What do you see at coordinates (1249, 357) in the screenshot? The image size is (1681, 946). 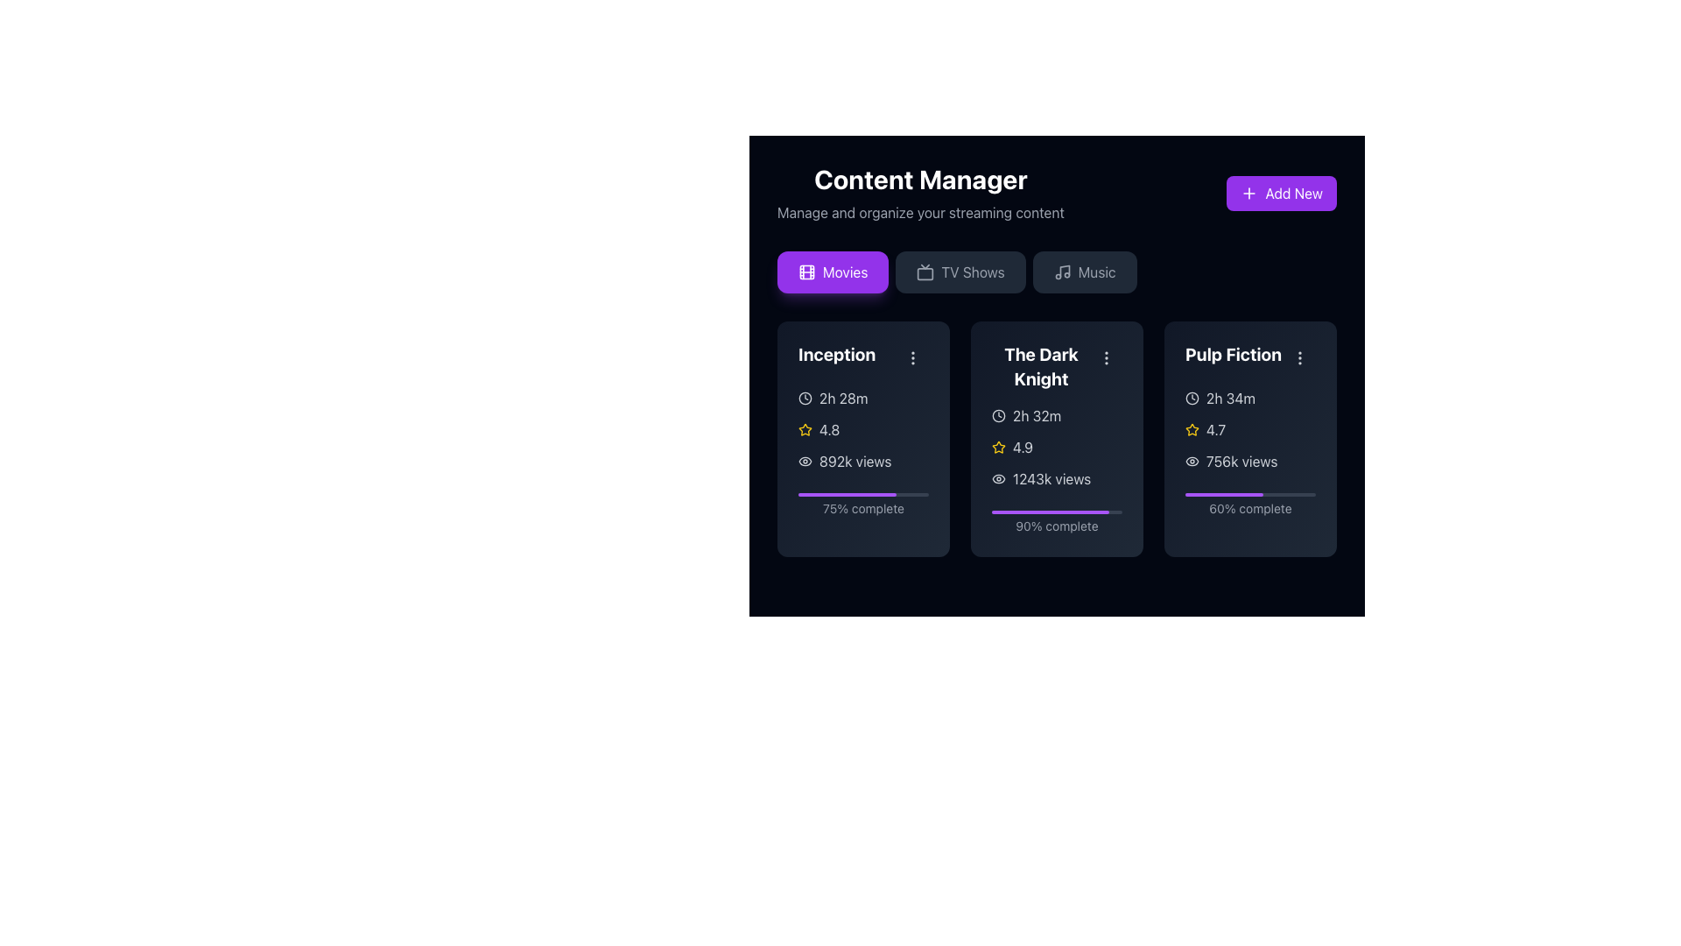 I see `the Text label located at the top-right card, which serves as the title or main identifier of the content represented by the card` at bounding box center [1249, 357].